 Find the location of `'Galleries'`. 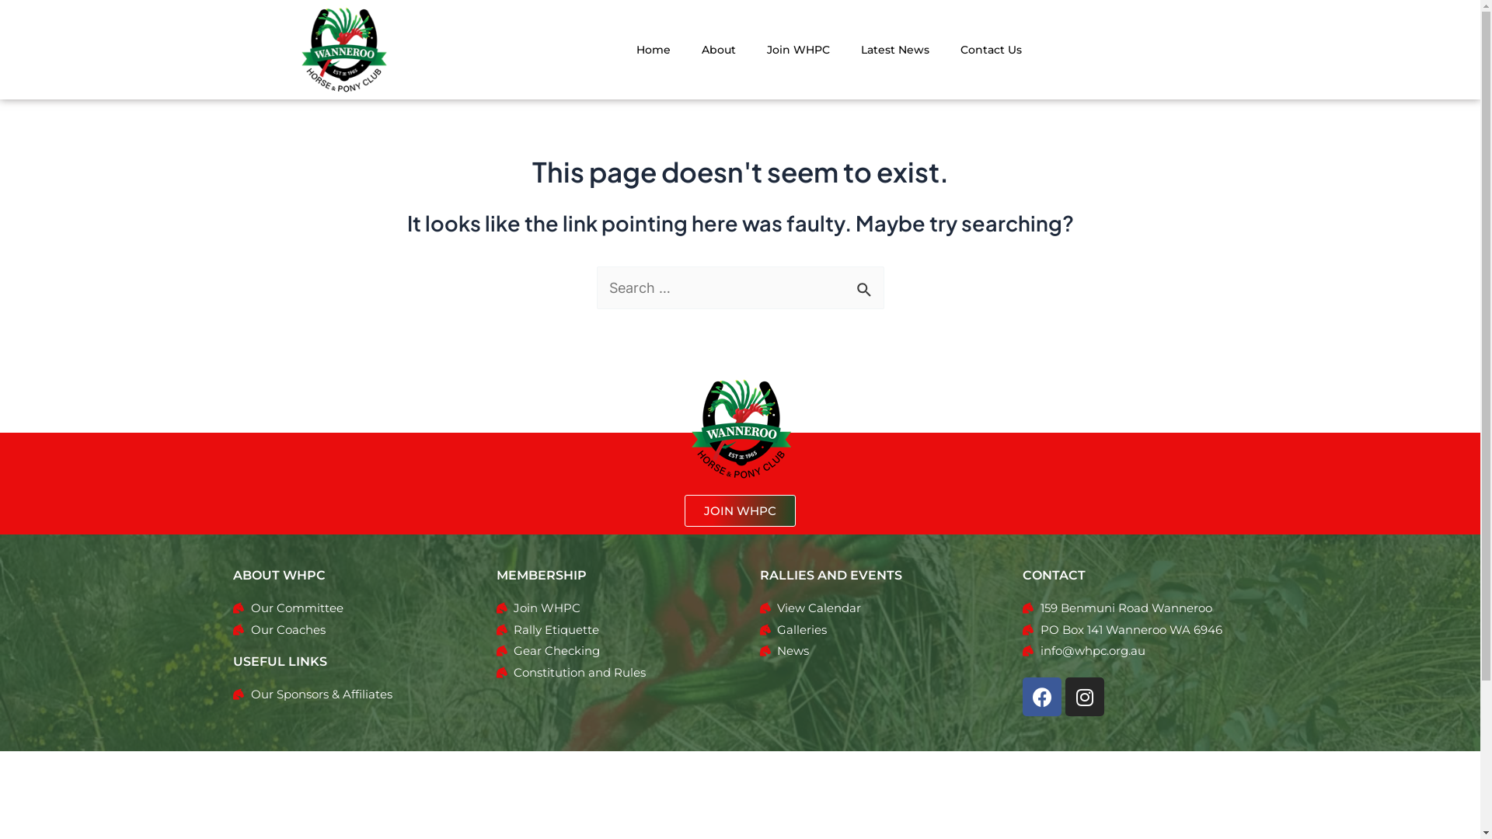

'Galleries' is located at coordinates (872, 629).